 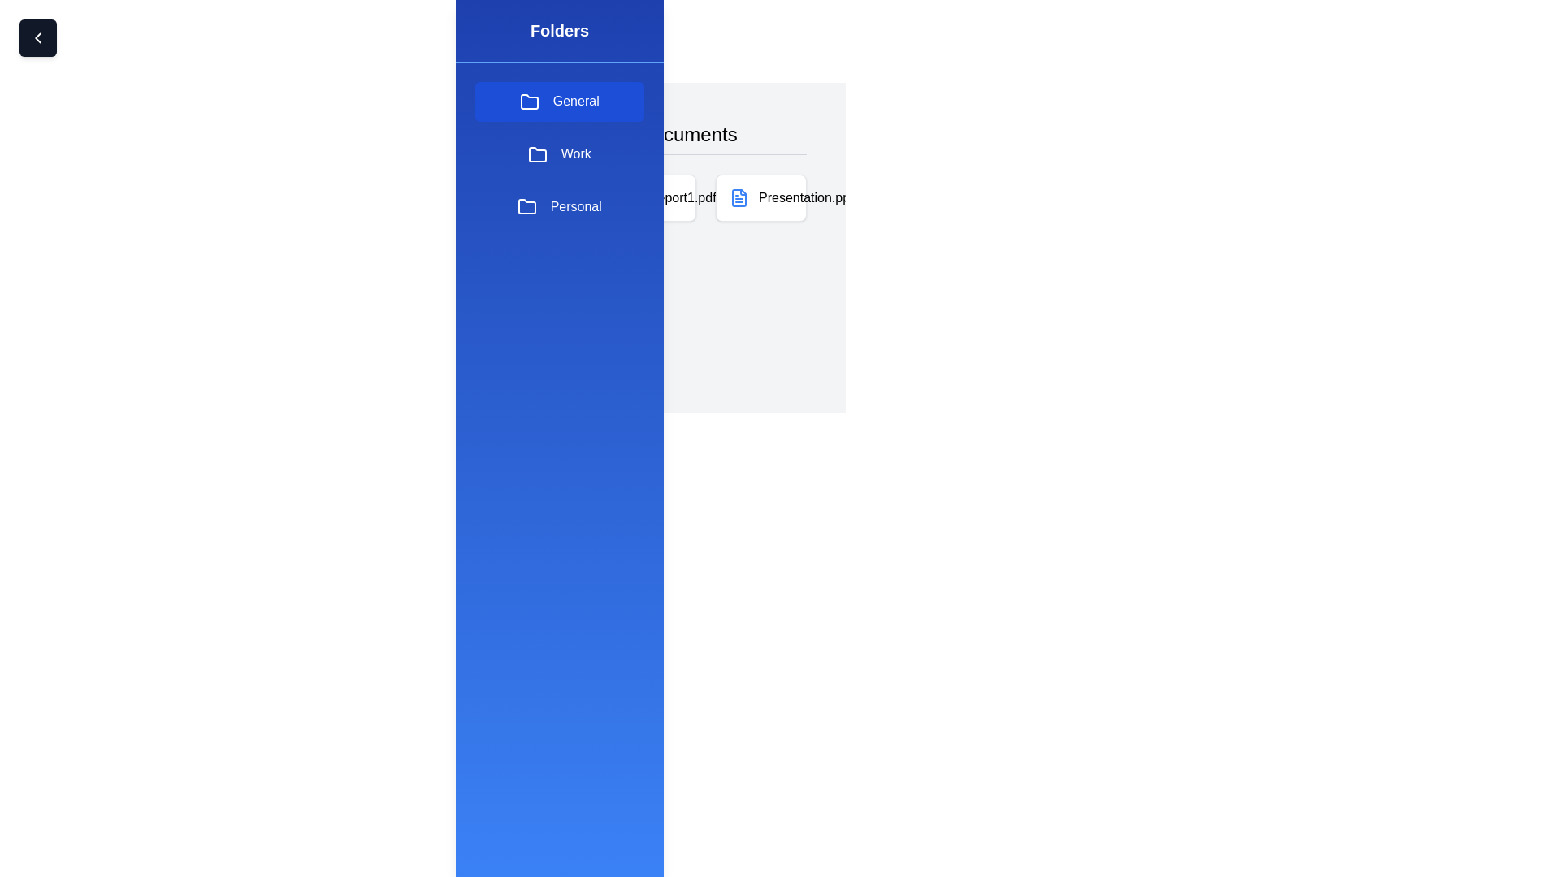 What do you see at coordinates (530, 102) in the screenshot?
I see `the icon representing the folder associated with the 'General' label, located in the sidebar next to the button-style item with a highlighted blue background` at bounding box center [530, 102].